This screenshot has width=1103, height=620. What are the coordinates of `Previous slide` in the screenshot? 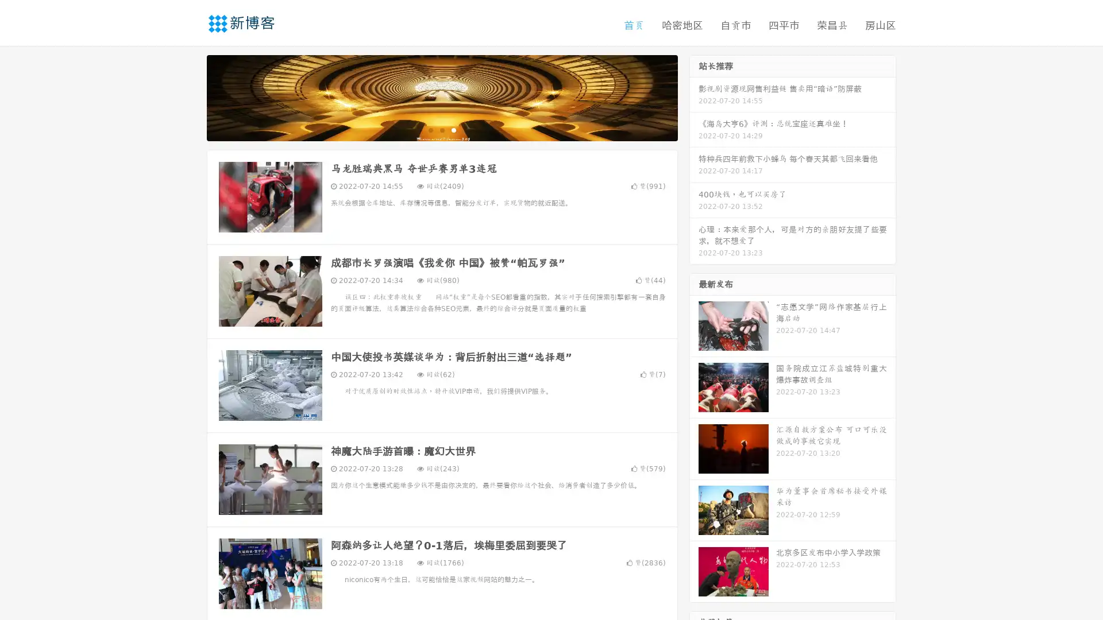 It's located at (190, 96).